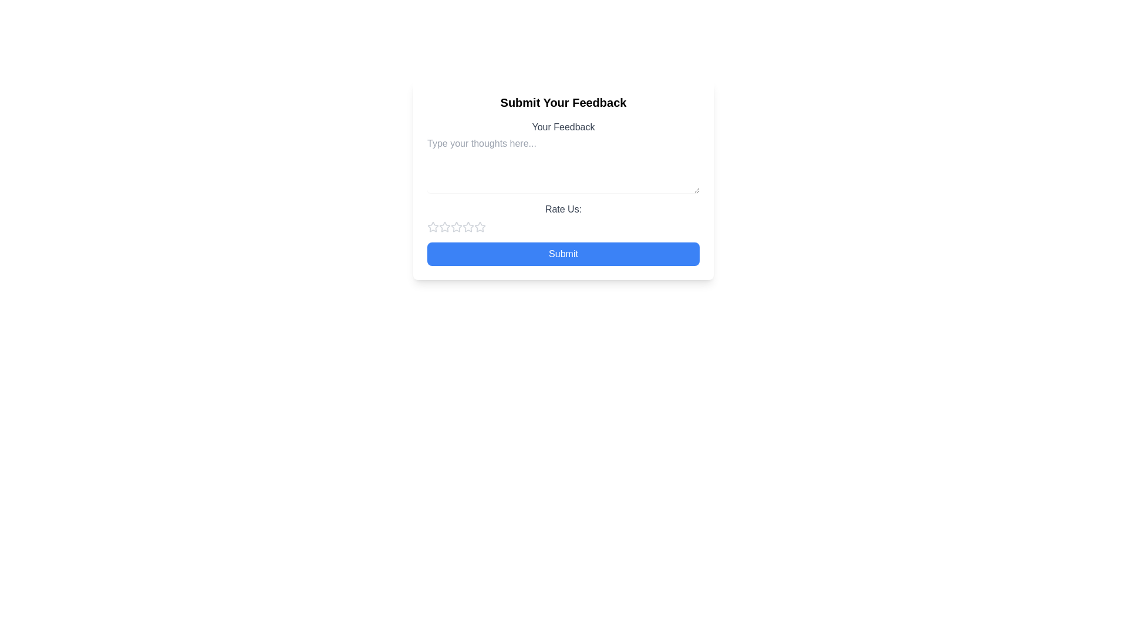  What do you see at coordinates (433, 227) in the screenshot?
I see `the first star-shaped button, which is gray in color, located beneath the 'Rate Us' textarea` at bounding box center [433, 227].